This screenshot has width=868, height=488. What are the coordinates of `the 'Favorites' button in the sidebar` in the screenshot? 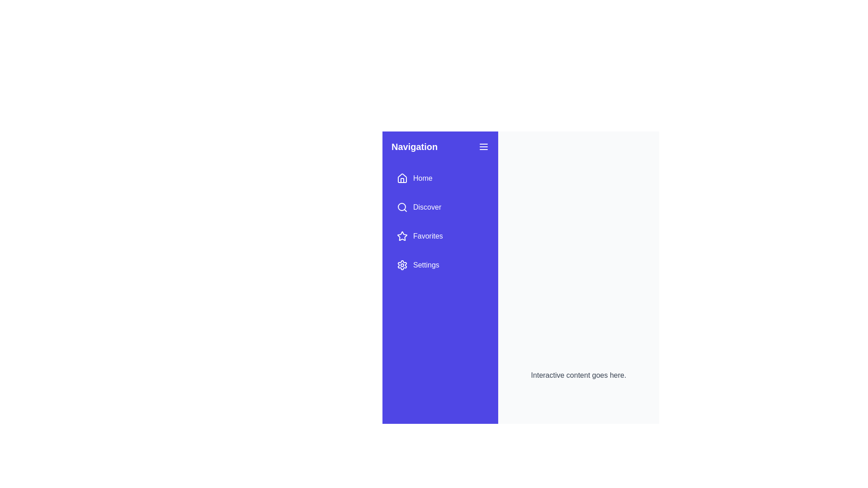 It's located at (419, 236).